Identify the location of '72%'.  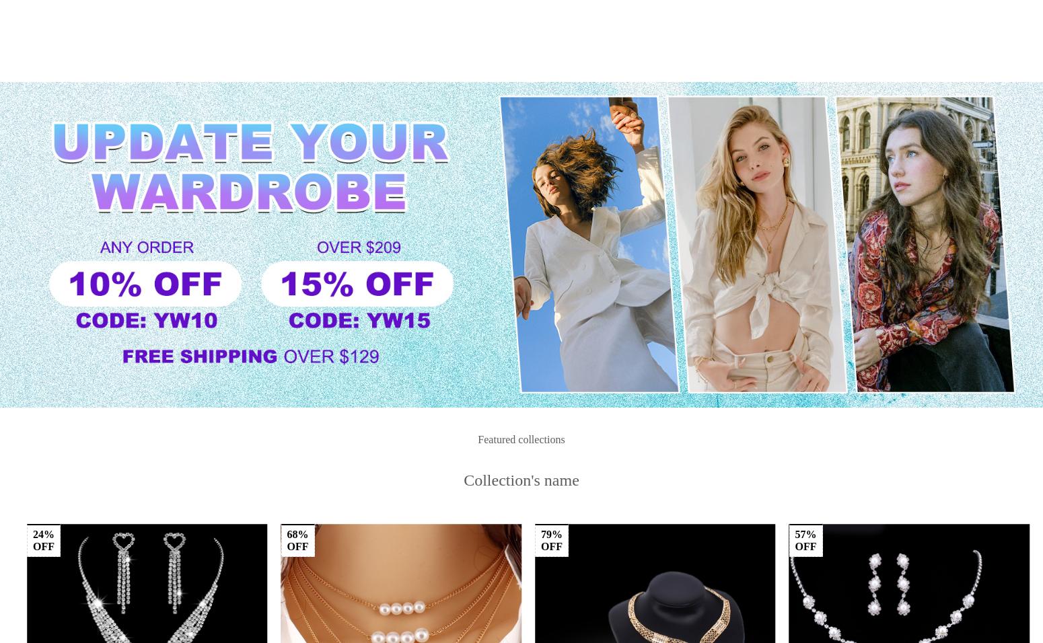
(550, 576).